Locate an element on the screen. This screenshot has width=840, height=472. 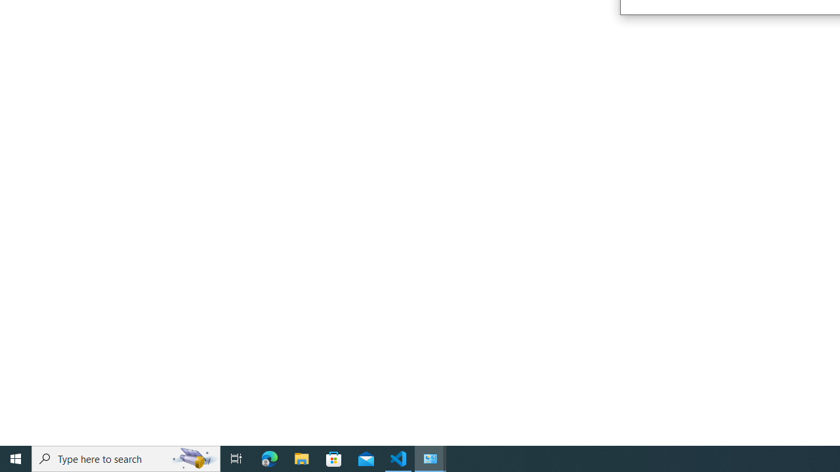
'Search highlights icon opens search home window' is located at coordinates (193, 458).